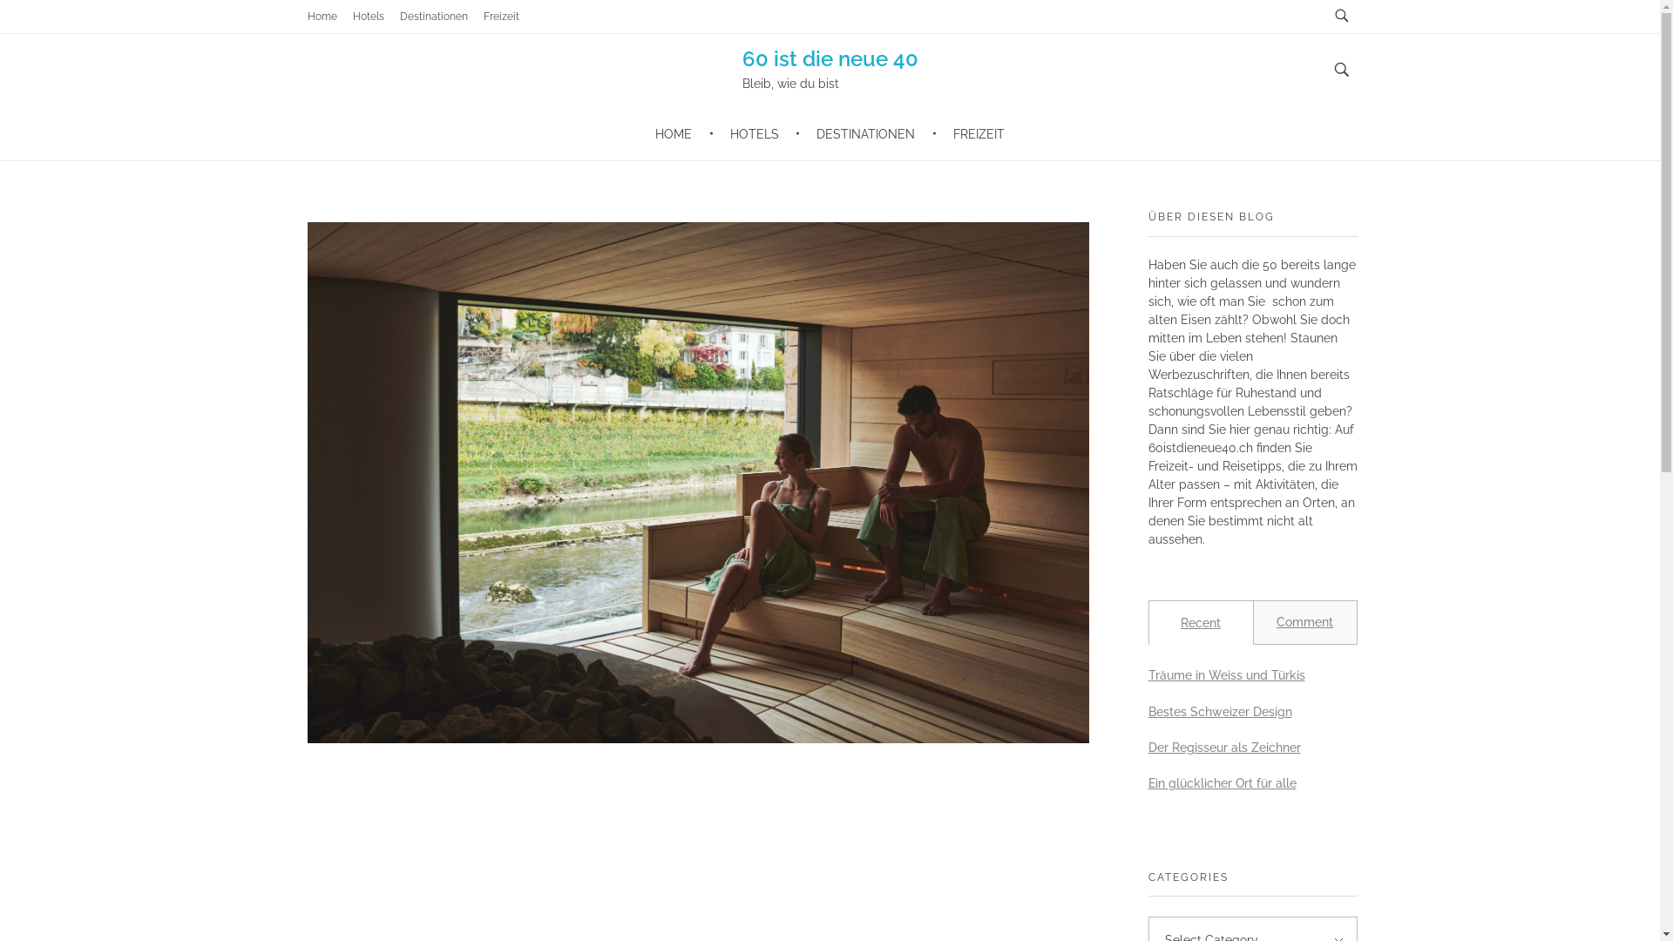  What do you see at coordinates (970, 133) in the screenshot?
I see `'FREIZEIT'` at bounding box center [970, 133].